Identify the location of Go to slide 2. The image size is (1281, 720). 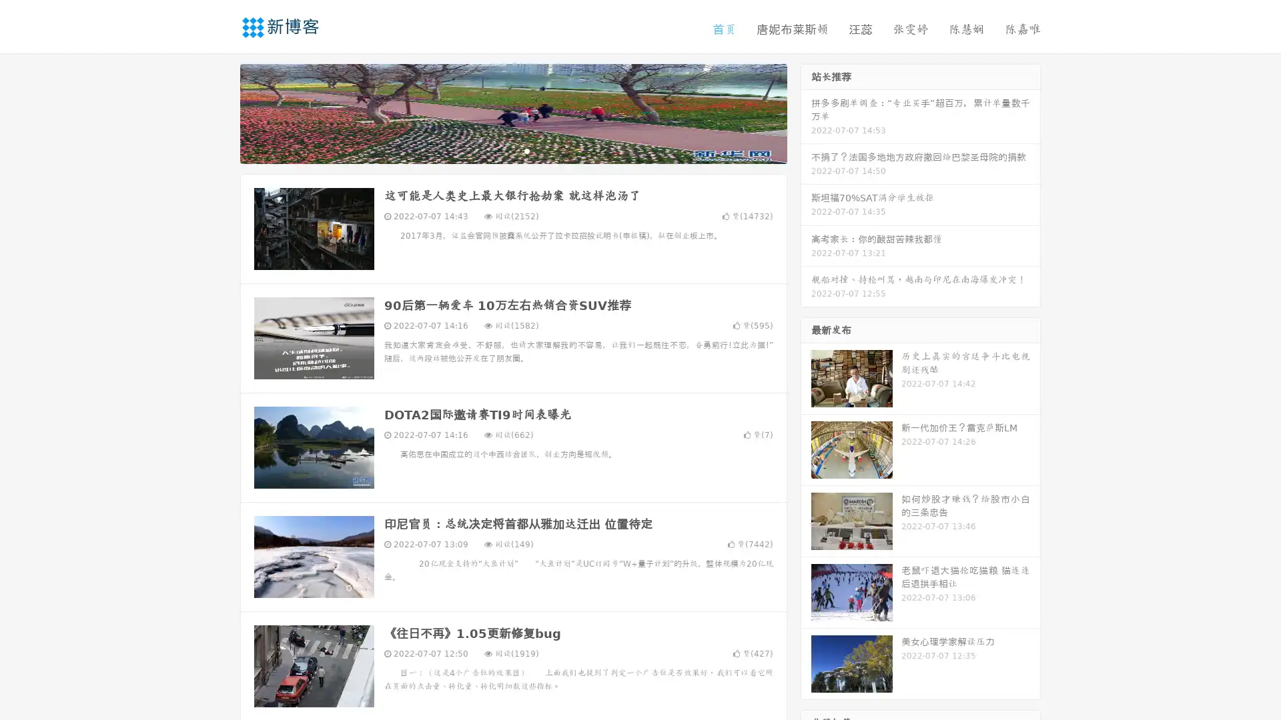
(512, 150).